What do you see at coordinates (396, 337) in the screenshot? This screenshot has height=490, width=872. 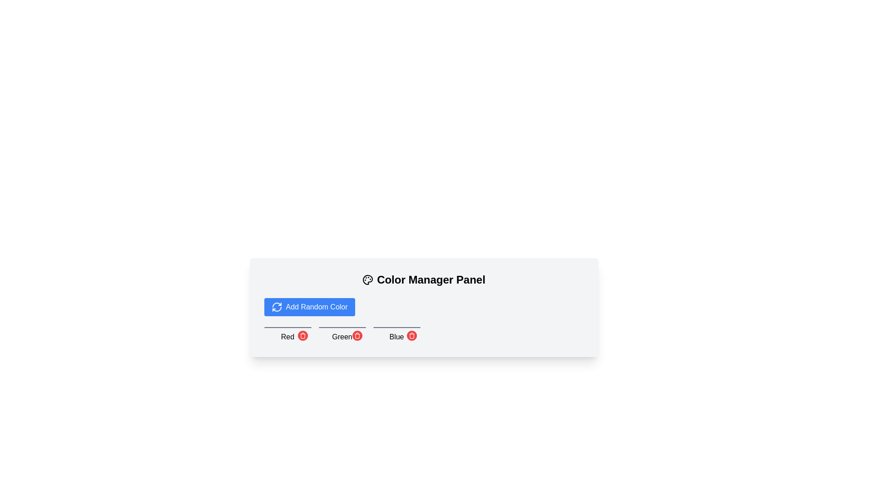 I see `the text label displaying 'Blue', which is centered and positioned below a blue circular button` at bounding box center [396, 337].